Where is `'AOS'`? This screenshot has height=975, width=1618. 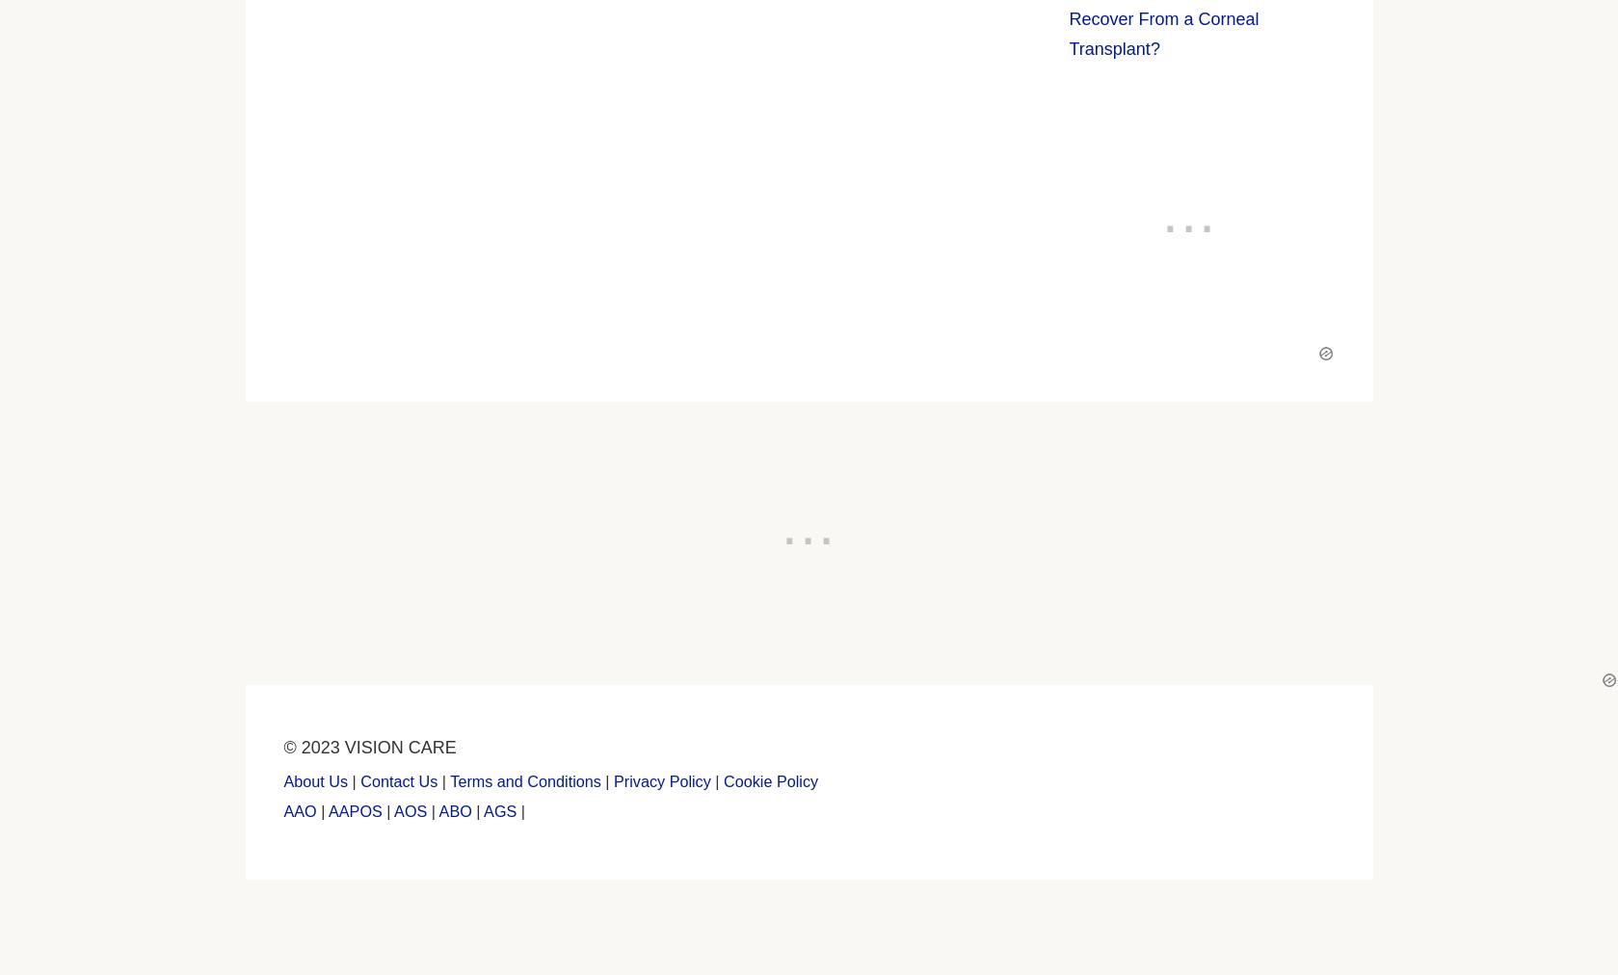
'AOS' is located at coordinates (410, 809).